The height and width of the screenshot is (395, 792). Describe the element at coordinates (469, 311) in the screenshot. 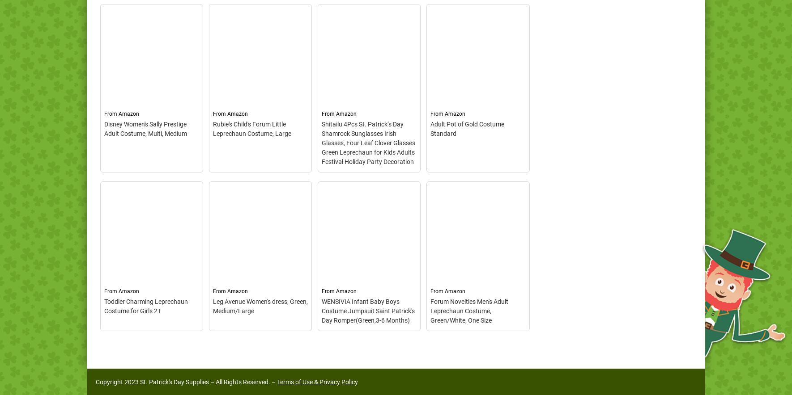

I see `'Forum Novelties Men's Adult Leprechaun Costume, Green/White, One Size'` at that location.